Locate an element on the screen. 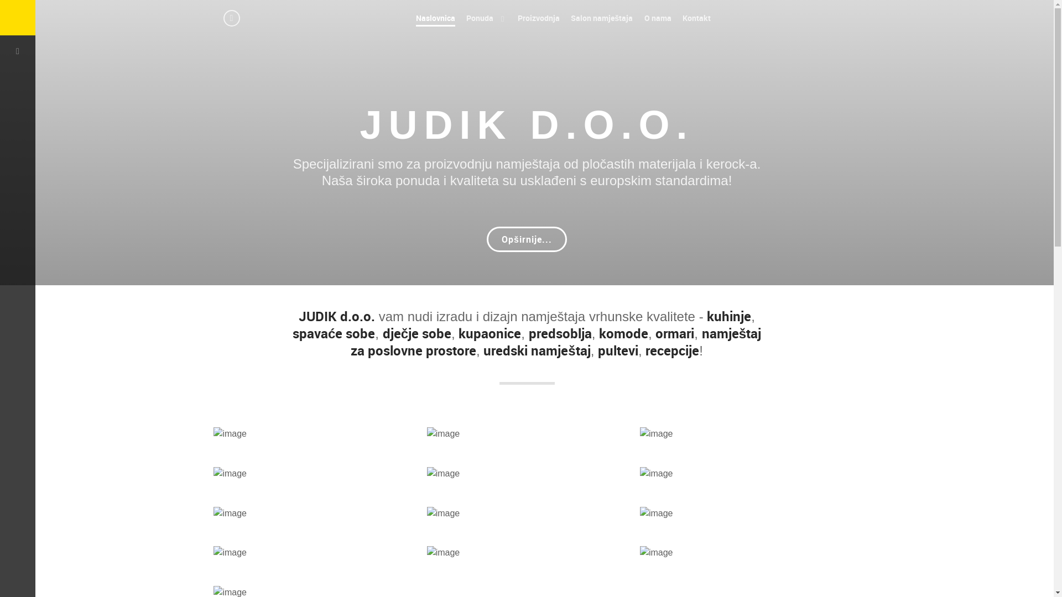 The width and height of the screenshot is (1062, 597). 'komode' is located at coordinates (623, 332).